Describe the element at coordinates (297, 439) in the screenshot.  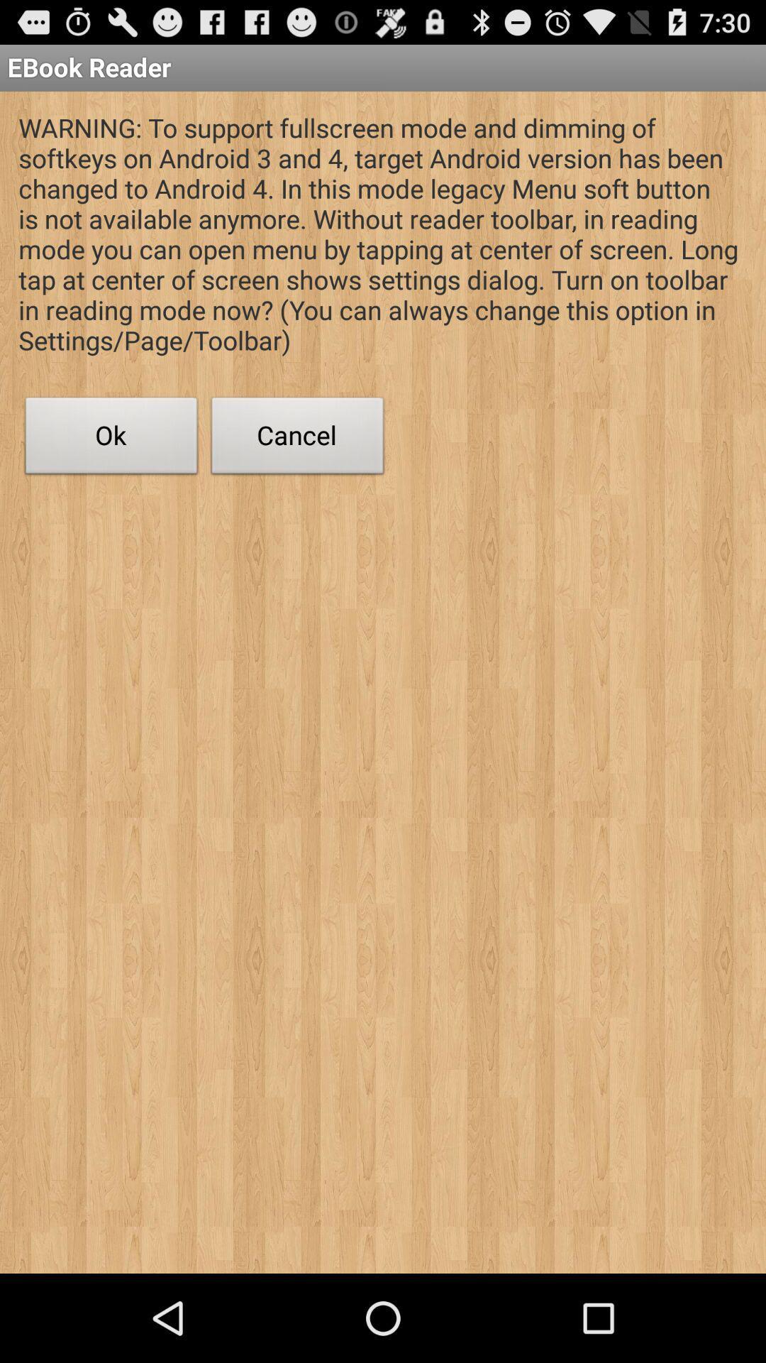
I see `icon to the right of the ok icon` at that location.